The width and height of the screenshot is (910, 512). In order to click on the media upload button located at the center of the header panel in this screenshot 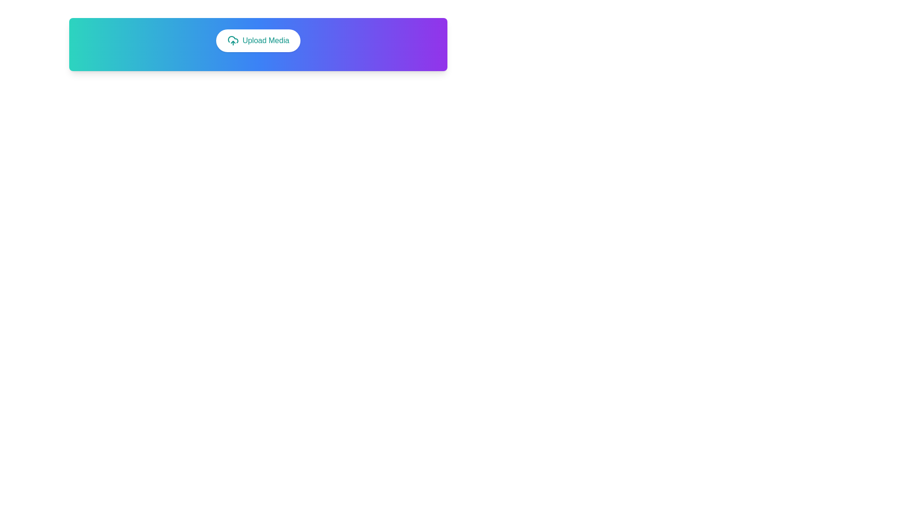, I will do `click(258, 44)`.